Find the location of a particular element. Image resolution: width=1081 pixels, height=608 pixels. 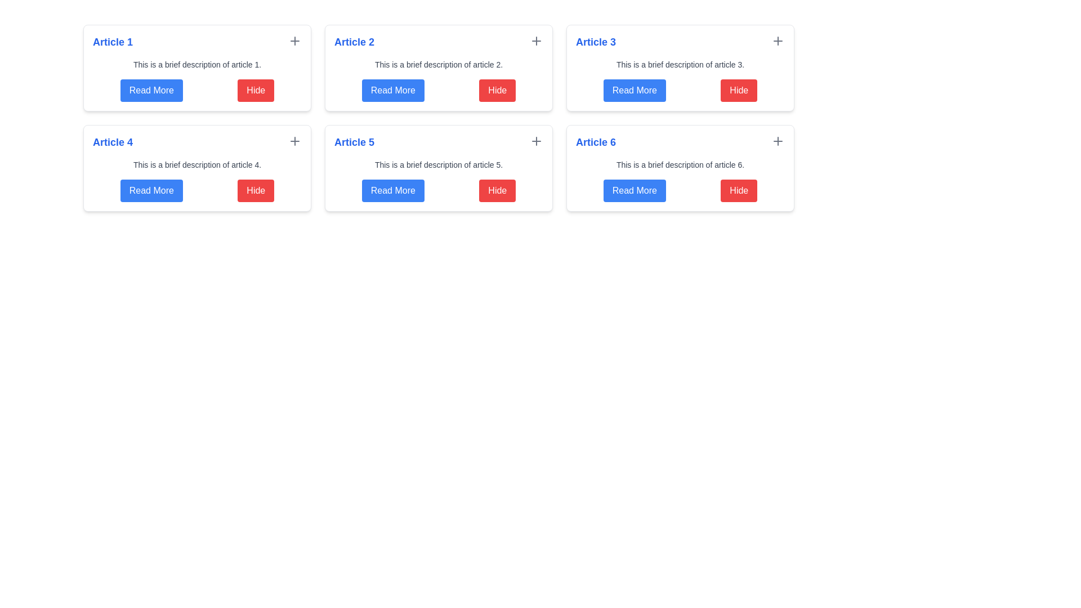

the plus icon button located in the upper-right corner of the 'Article 3' card is located at coordinates (778, 41).